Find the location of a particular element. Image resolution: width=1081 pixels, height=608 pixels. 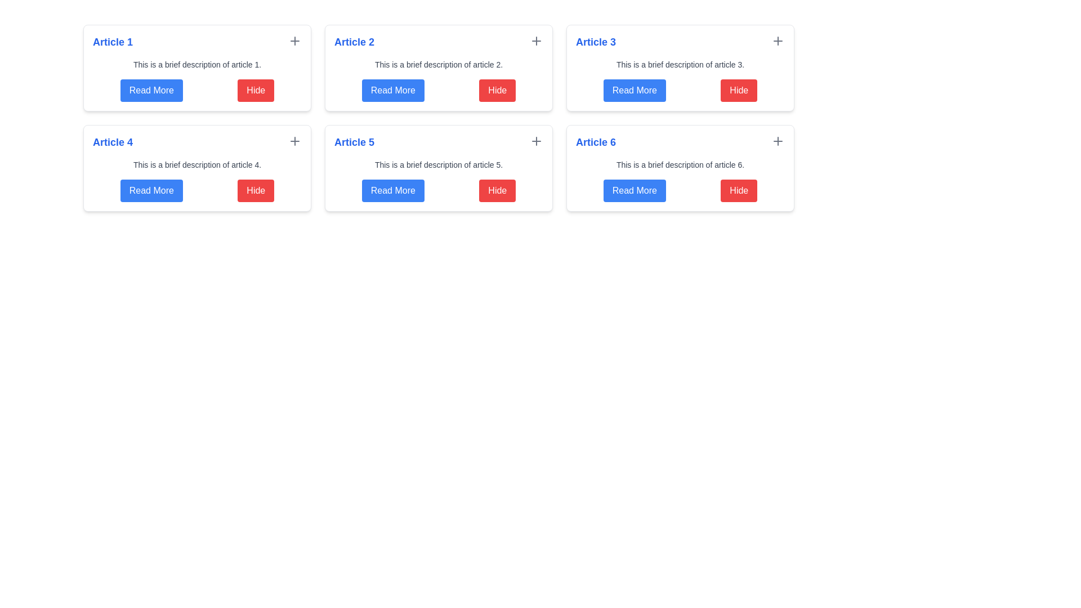

the plus icon button located in the upper-right corner of the 'Article 3' card is located at coordinates (778, 41).